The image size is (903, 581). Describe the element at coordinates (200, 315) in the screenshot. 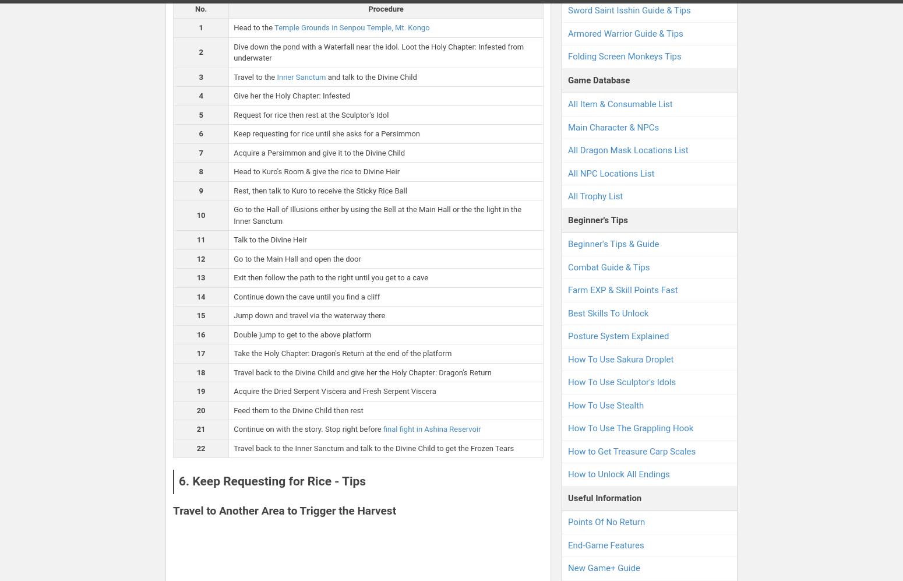

I see `'15'` at that location.